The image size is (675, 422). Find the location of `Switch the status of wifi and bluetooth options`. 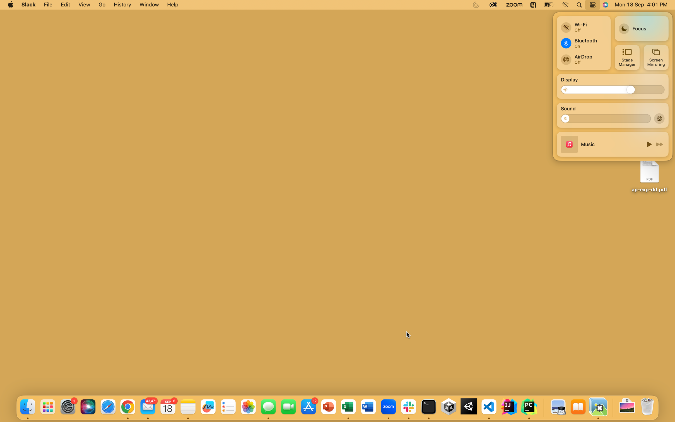

Switch the status of wifi and bluetooth options is located at coordinates (583, 25).